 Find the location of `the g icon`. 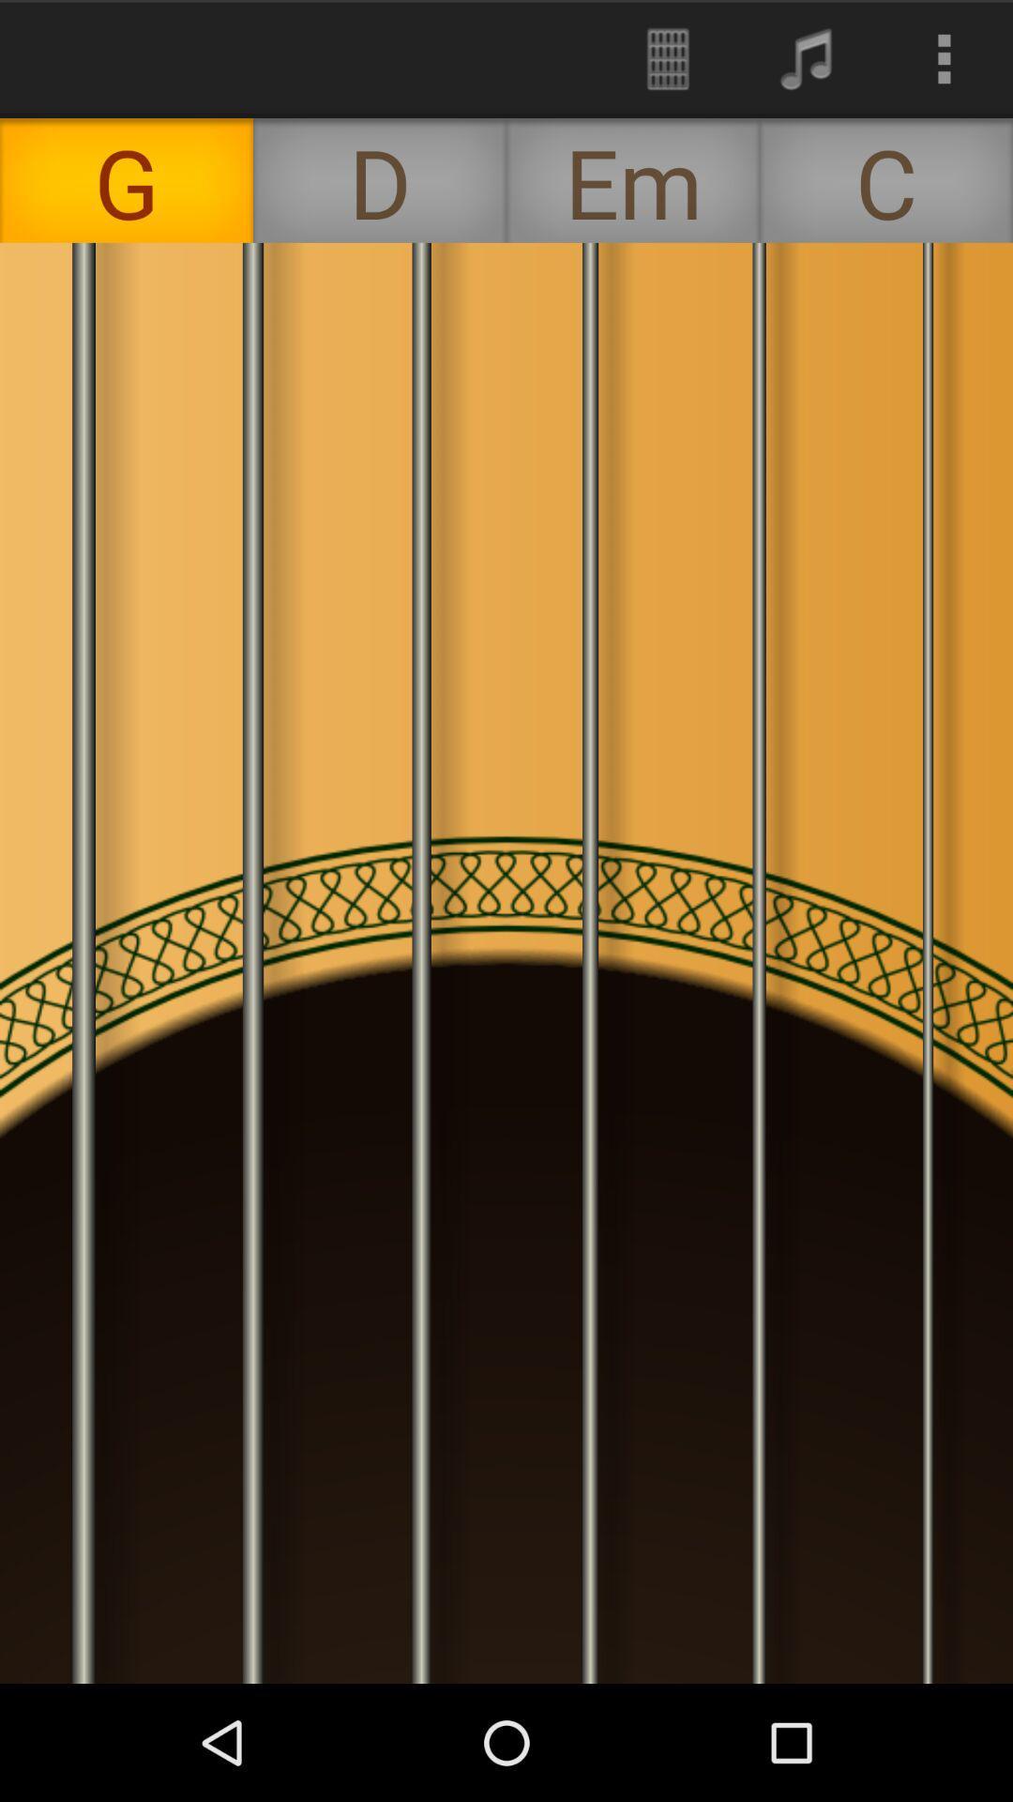

the g icon is located at coordinates (127, 180).